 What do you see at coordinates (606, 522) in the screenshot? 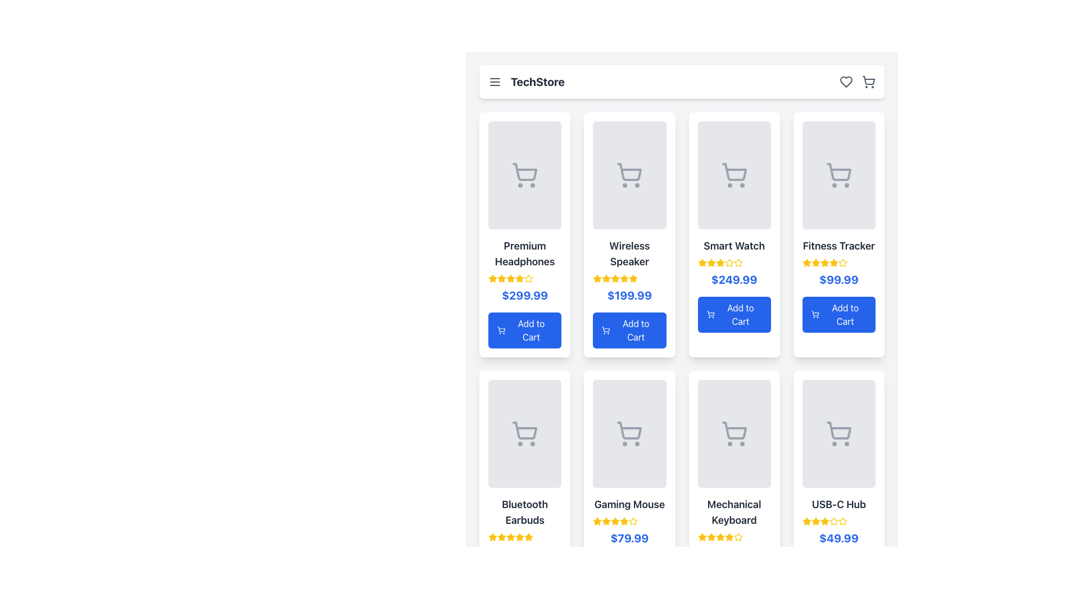
I see `the third yellow star icon in the rating system for the 'Gaming Mouse' product, which is located in the second row of the product grid` at bounding box center [606, 522].